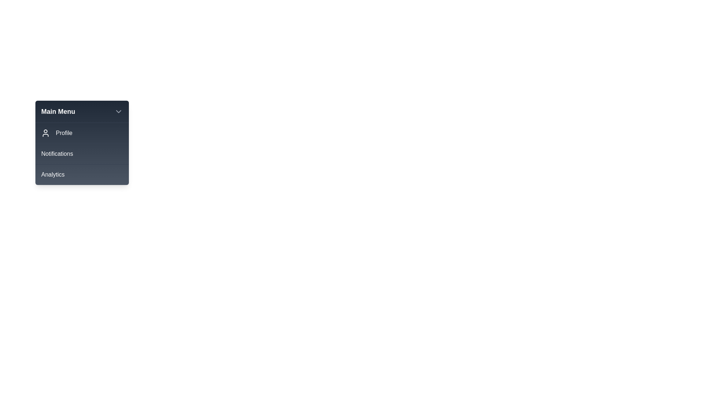 The width and height of the screenshot is (701, 394). What do you see at coordinates (82, 153) in the screenshot?
I see `the menu item Notifications from the interactive menu` at bounding box center [82, 153].